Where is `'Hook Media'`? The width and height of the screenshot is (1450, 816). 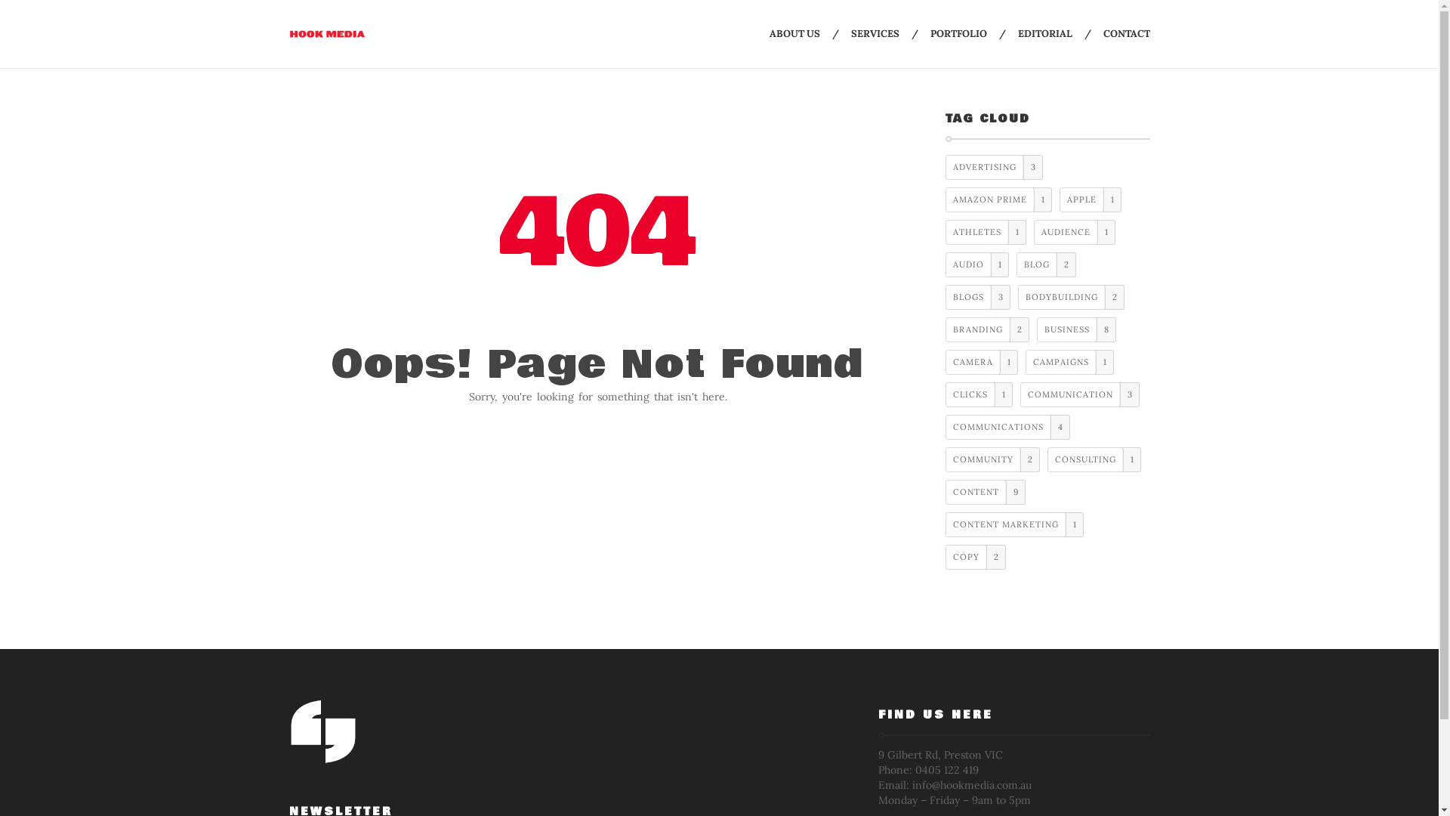 'Hook Media' is located at coordinates (325, 34).